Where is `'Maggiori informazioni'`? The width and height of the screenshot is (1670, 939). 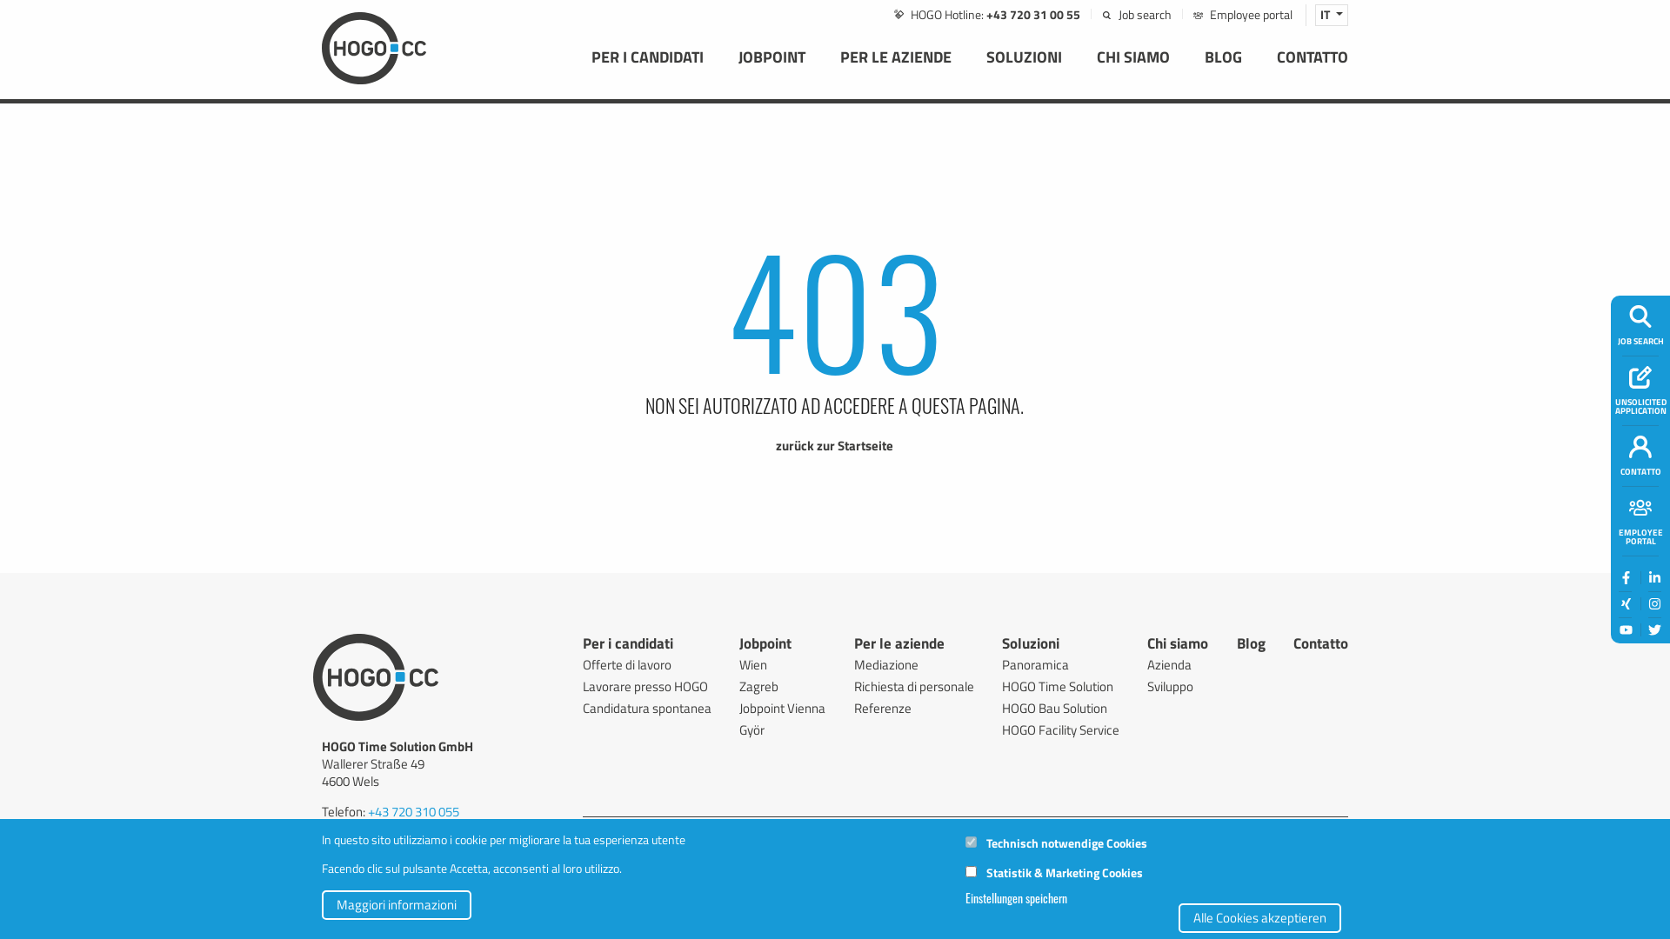
'Maggiori informazioni' is located at coordinates (396, 904).